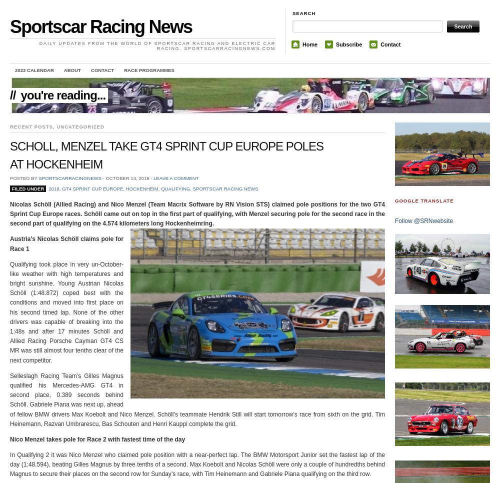 The image size is (500, 483). Describe the element at coordinates (192, 187) in the screenshot. I see `'sportscar racing news'` at that location.